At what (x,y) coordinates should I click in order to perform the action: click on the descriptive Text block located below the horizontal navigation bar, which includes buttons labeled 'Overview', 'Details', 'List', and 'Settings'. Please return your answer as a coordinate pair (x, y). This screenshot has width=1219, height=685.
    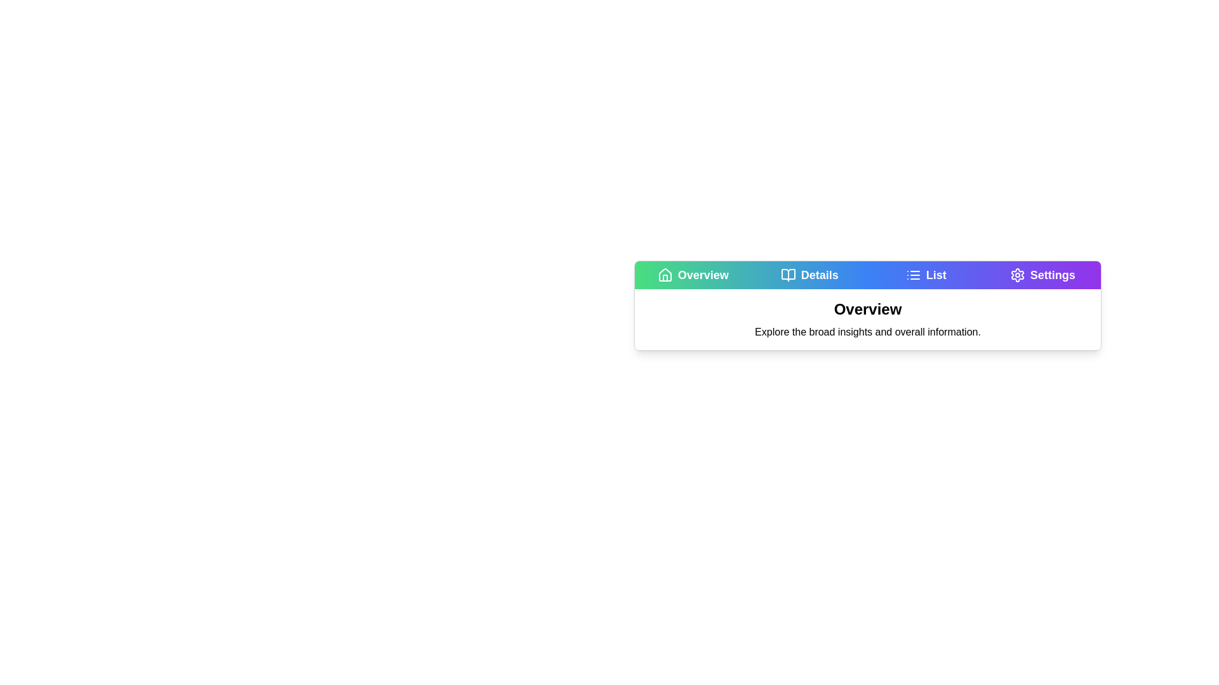
    Looking at the image, I should click on (867, 319).